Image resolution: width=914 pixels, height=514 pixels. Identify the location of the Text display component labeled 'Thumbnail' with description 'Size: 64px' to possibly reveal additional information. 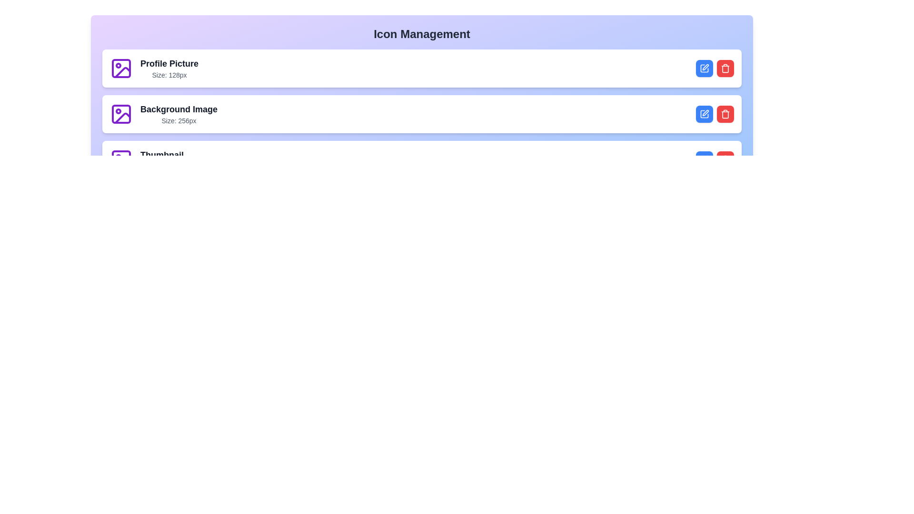
(162, 159).